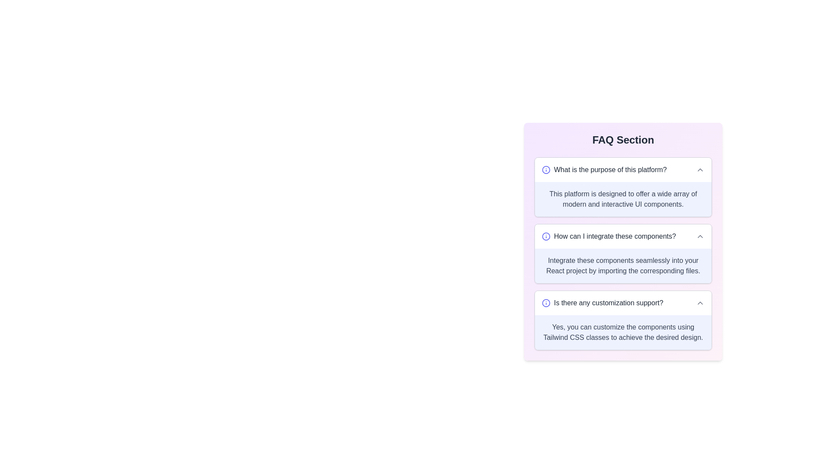  Describe the element at coordinates (623, 320) in the screenshot. I see `the third item in the Interactive collapsible FAQ panel` at that location.